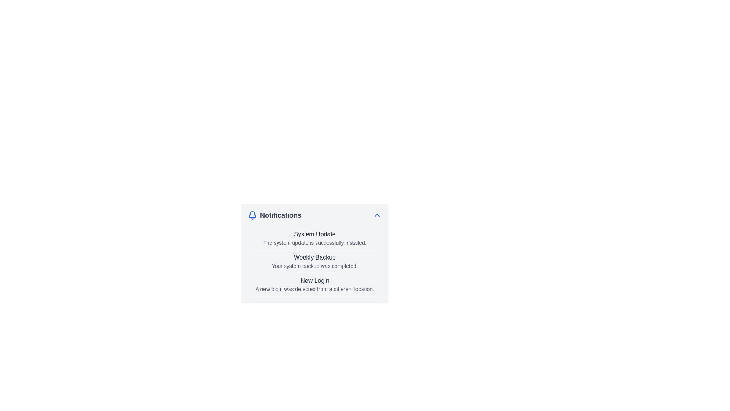 The height and width of the screenshot is (411, 730). What do you see at coordinates (315, 242) in the screenshot?
I see `the text label that provides a brief, descriptive update message about the successful completion of a system update, located below the 'System Update' heading in the notification panel` at bounding box center [315, 242].